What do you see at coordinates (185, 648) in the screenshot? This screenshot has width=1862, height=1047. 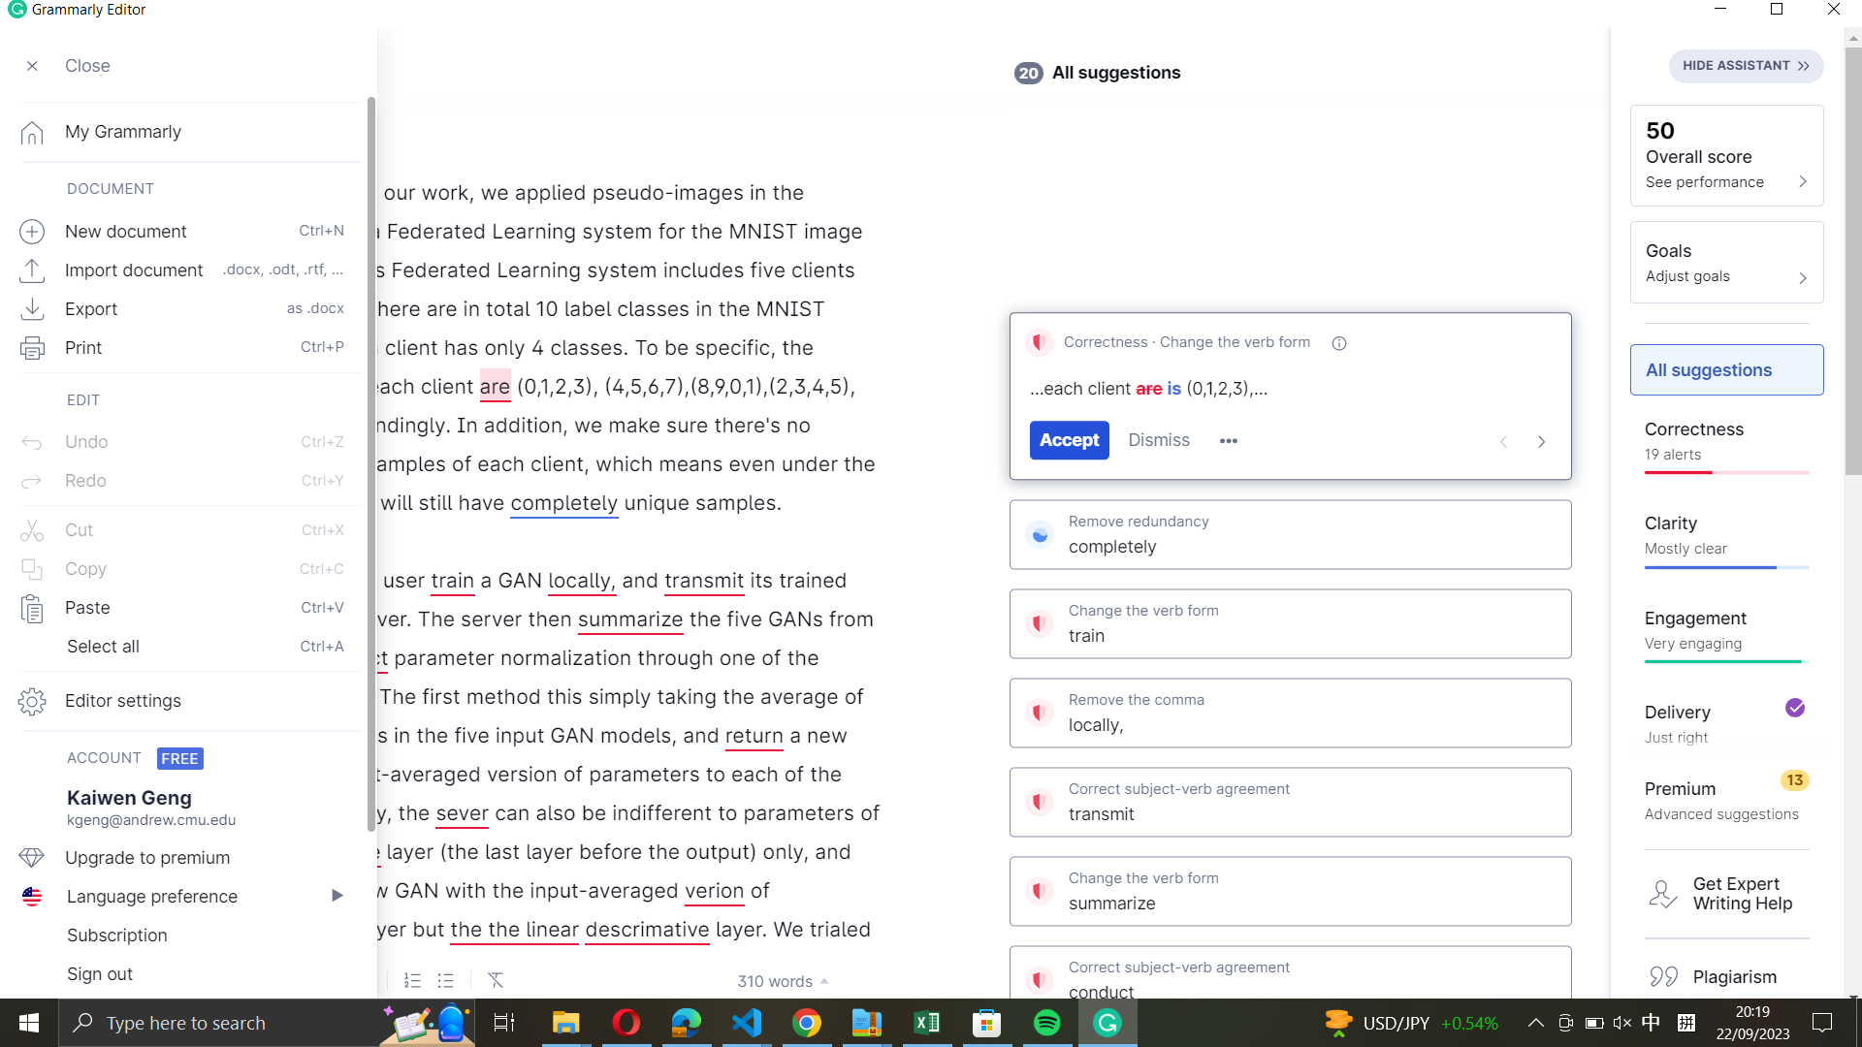 I see `Highlight every word` at bounding box center [185, 648].